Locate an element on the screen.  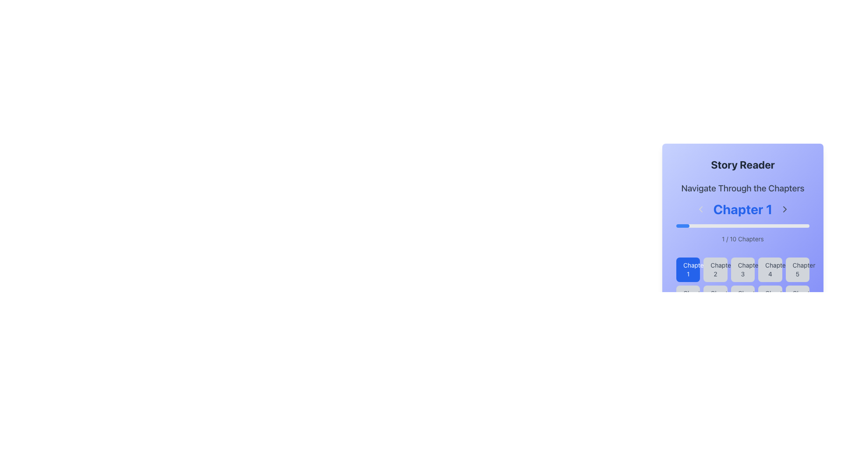
the progress bar located below 'Chapter 1' and above '1 / 10 Chapters', which visually represents progress is located at coordinates (742, 226).